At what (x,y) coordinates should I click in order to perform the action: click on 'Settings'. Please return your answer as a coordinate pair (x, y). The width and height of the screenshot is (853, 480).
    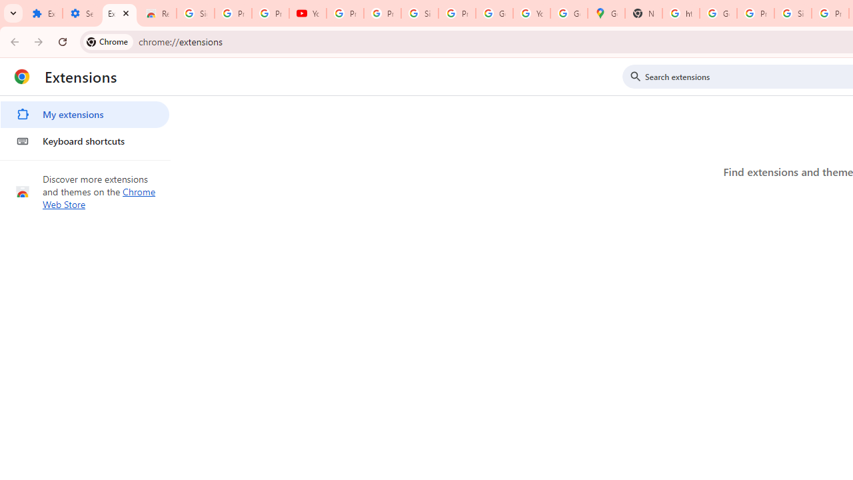
    Looking at the image, I should click on (81, 13).